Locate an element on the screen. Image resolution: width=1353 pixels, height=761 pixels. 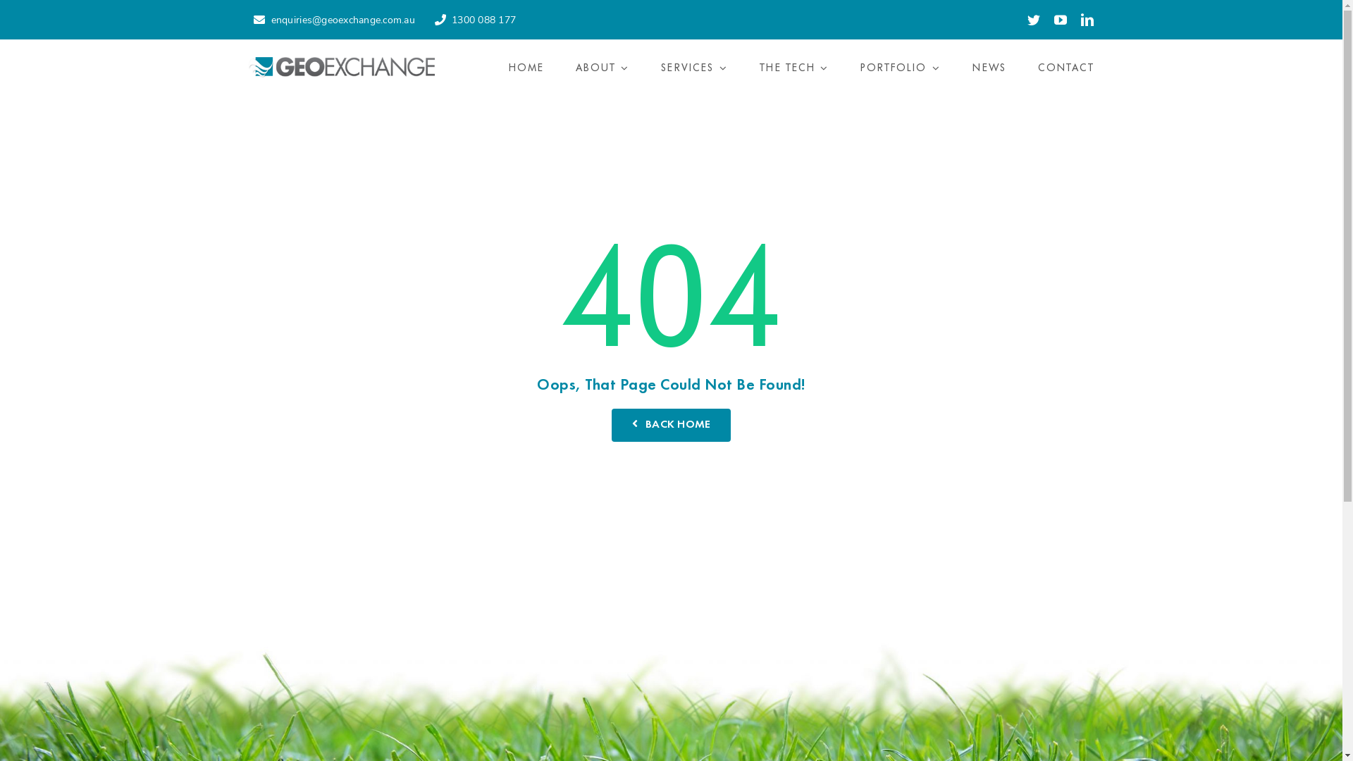
'1300 088 177' is located at coordinates (472, 19).